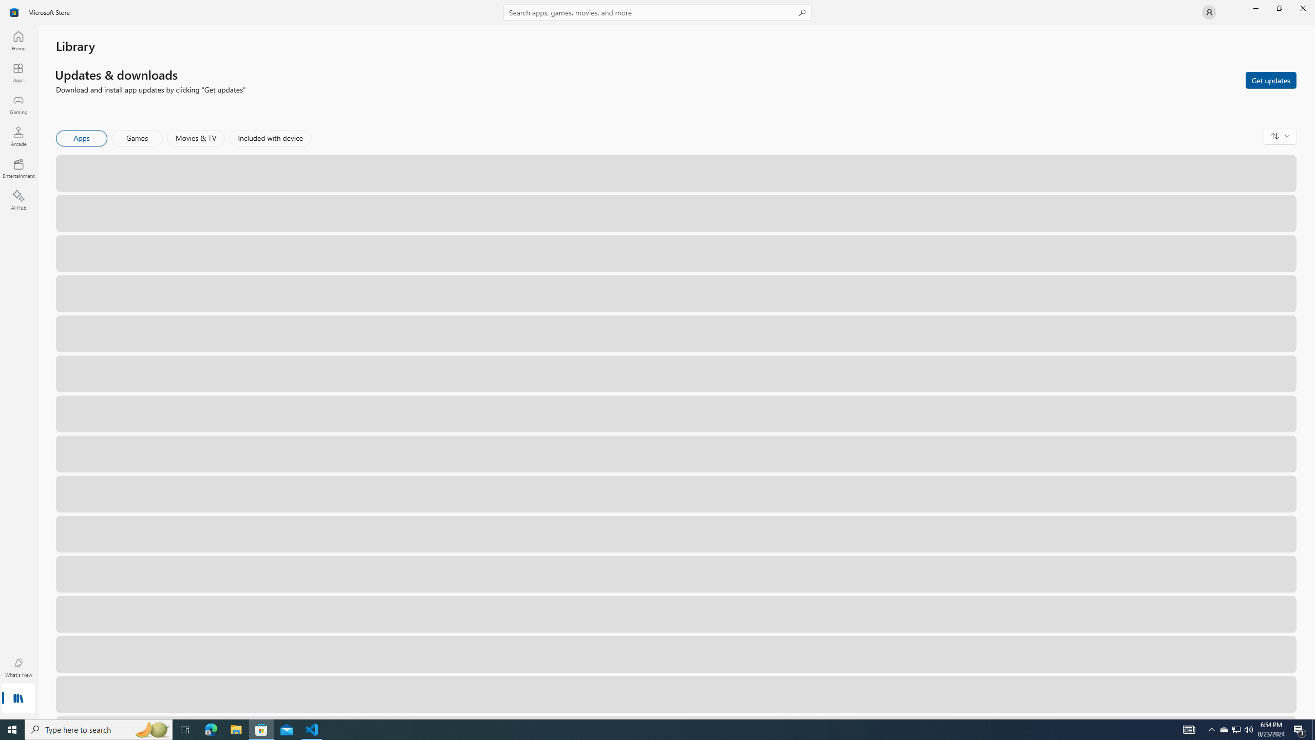 This screenshot has width=1315, height=740. I want to click on 'Apps', so click(82, 138).